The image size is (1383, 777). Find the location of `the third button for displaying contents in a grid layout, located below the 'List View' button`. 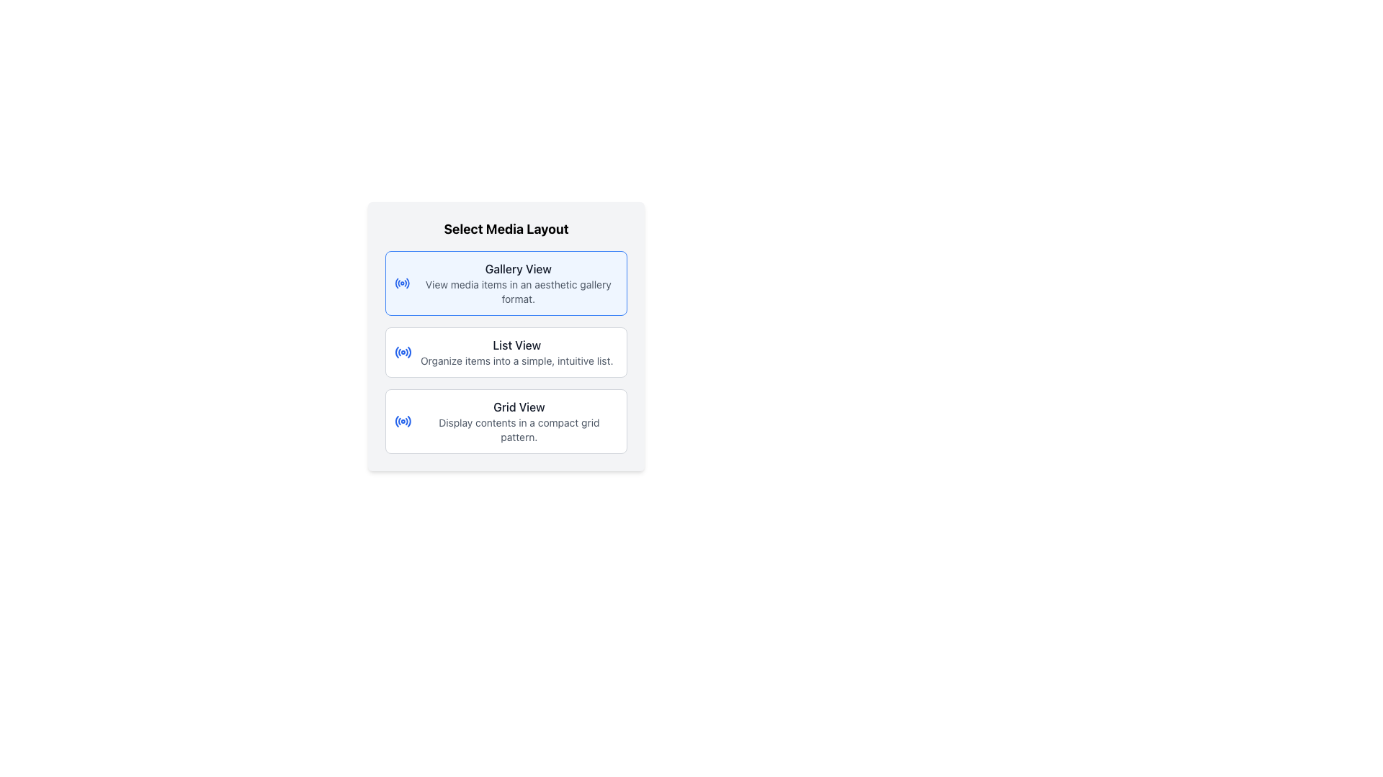

the third button for displaying contents in a grid layout, located below the 'List View' button is located at coordinates (506, 421).